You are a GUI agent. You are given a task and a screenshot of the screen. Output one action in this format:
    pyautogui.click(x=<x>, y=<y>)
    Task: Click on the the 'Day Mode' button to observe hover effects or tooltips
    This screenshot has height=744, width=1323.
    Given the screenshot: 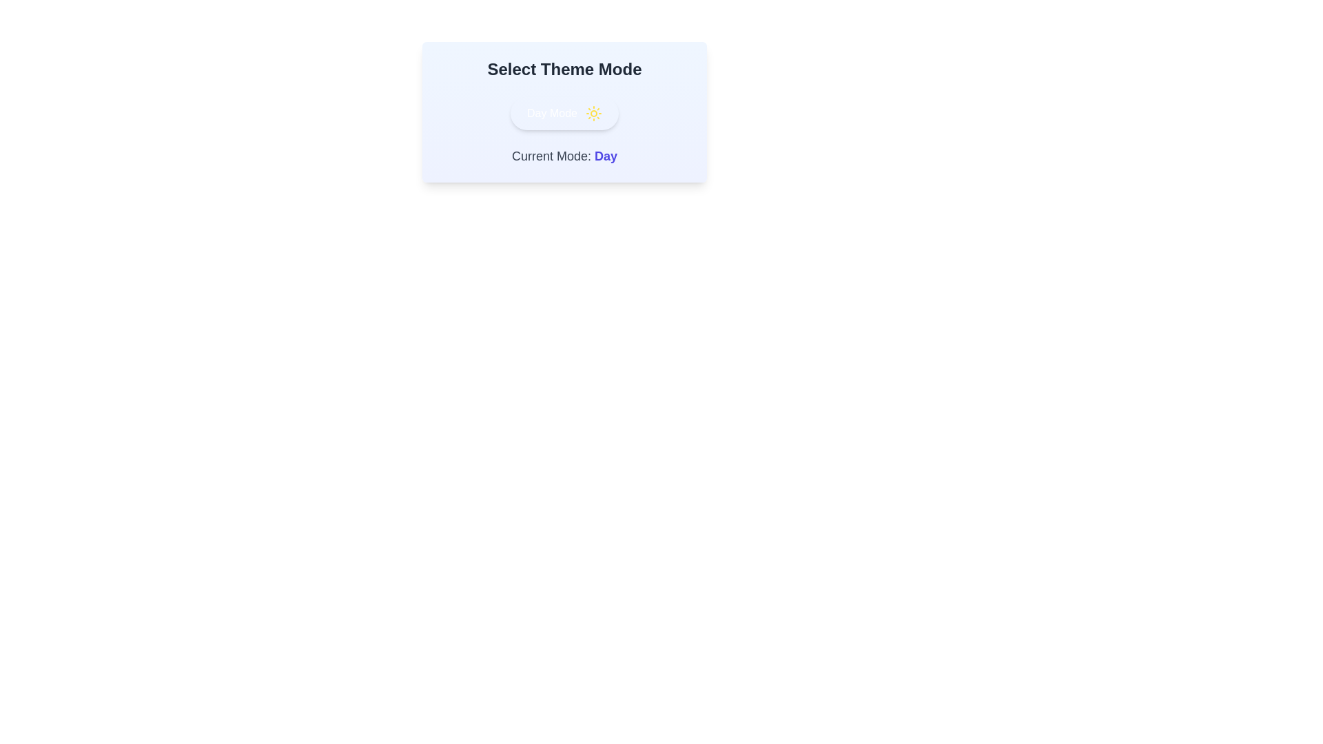 What is the action you would take?
    pyautogui.click(x=564, y=113)
    